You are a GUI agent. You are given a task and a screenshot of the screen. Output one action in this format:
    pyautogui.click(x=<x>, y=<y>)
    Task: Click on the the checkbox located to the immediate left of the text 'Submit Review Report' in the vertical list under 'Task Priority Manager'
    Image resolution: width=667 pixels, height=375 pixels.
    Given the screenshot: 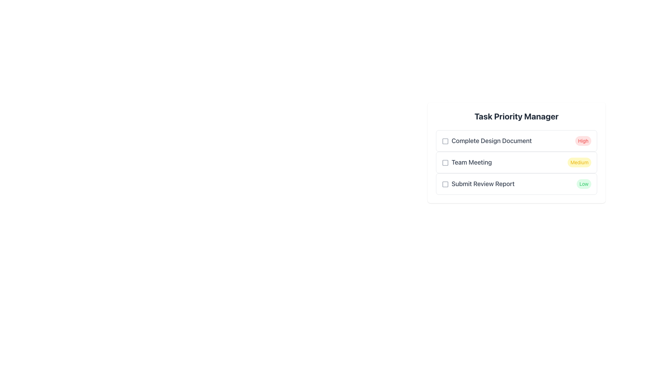 What is the action you would take?
    pyautogui.click(x=445, y=184)
    